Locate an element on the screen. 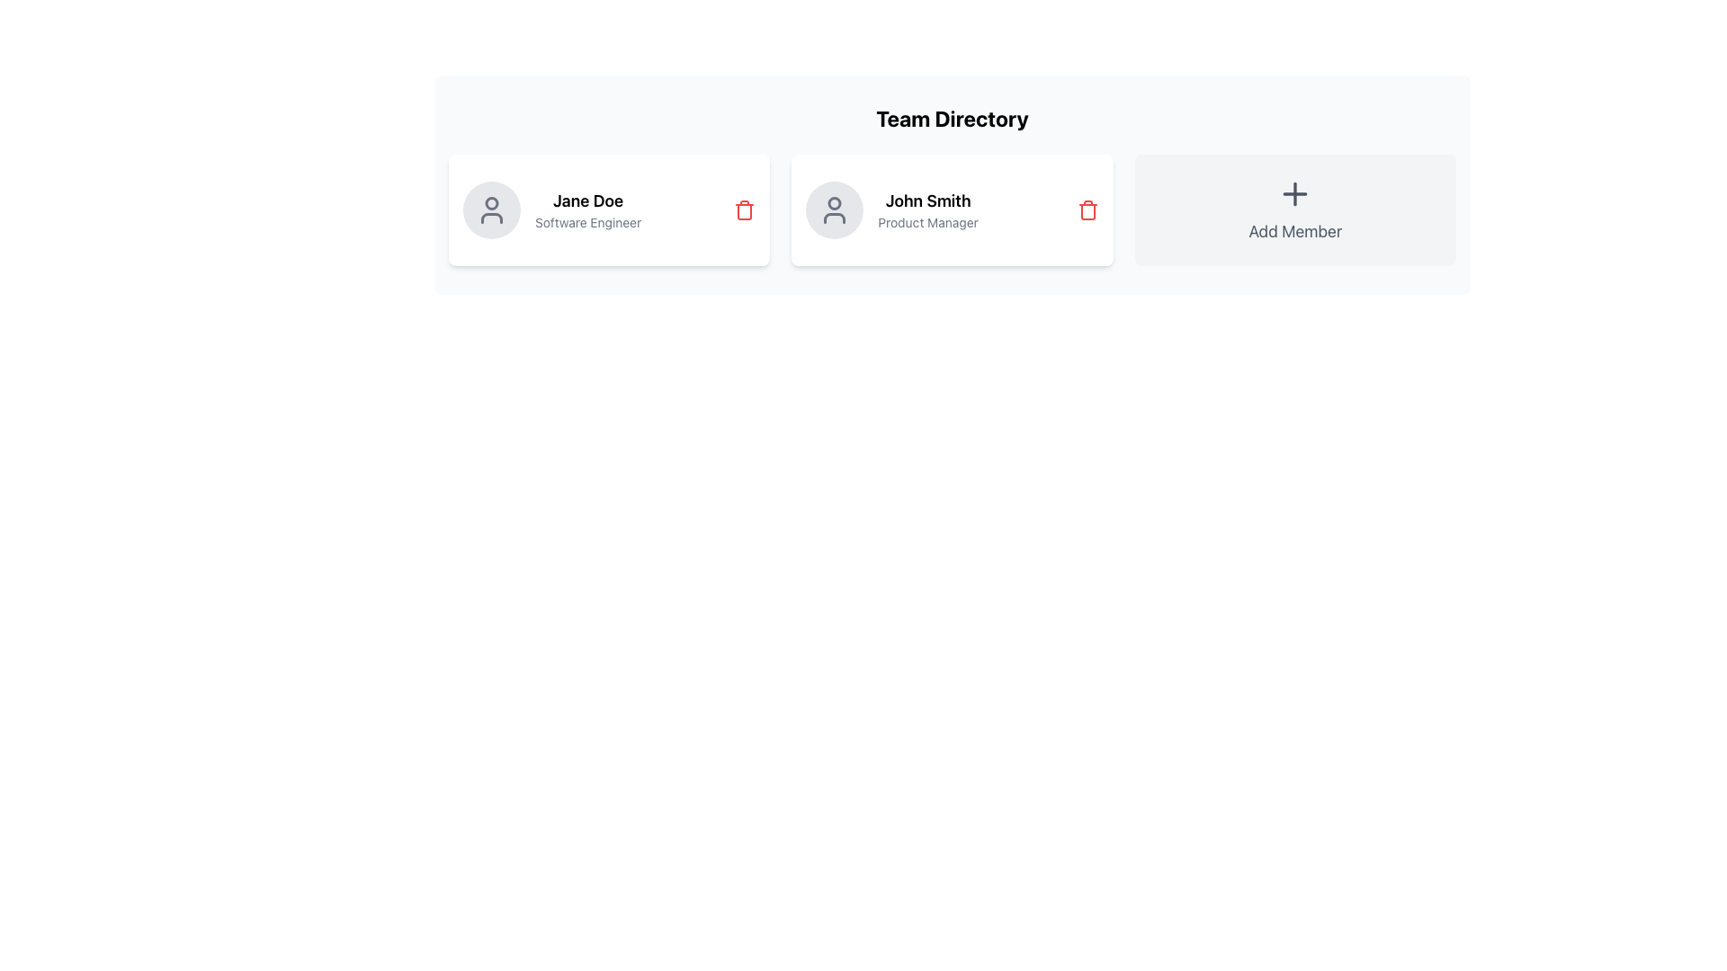 The image size is (1727, 971). the lower part of the human silhouette in the user profile icon representing 'Jane Doe' is located at coordinates (492, 218).